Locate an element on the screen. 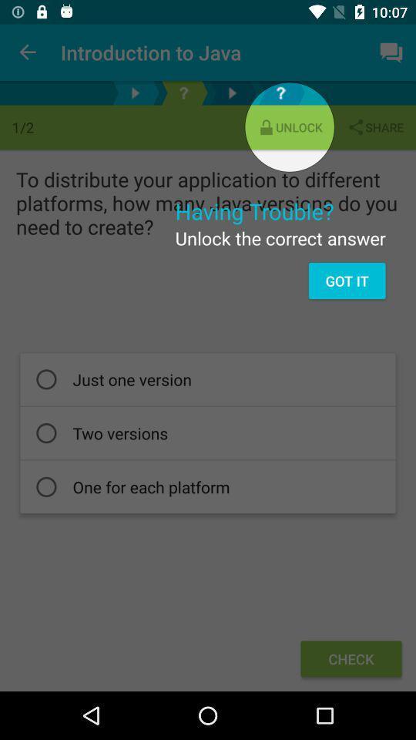 The width and height of the screenshot is (416, 740). the help icon is located at coordinates (183, 92).